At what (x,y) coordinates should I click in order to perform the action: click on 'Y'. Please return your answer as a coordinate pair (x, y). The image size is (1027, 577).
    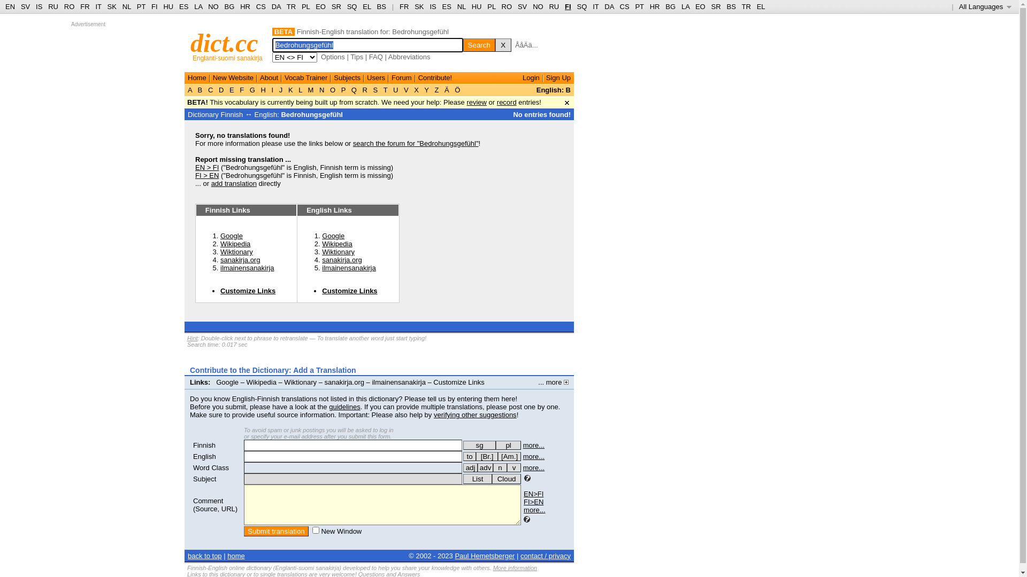
    Looking at the image, I should click on (426, 89).